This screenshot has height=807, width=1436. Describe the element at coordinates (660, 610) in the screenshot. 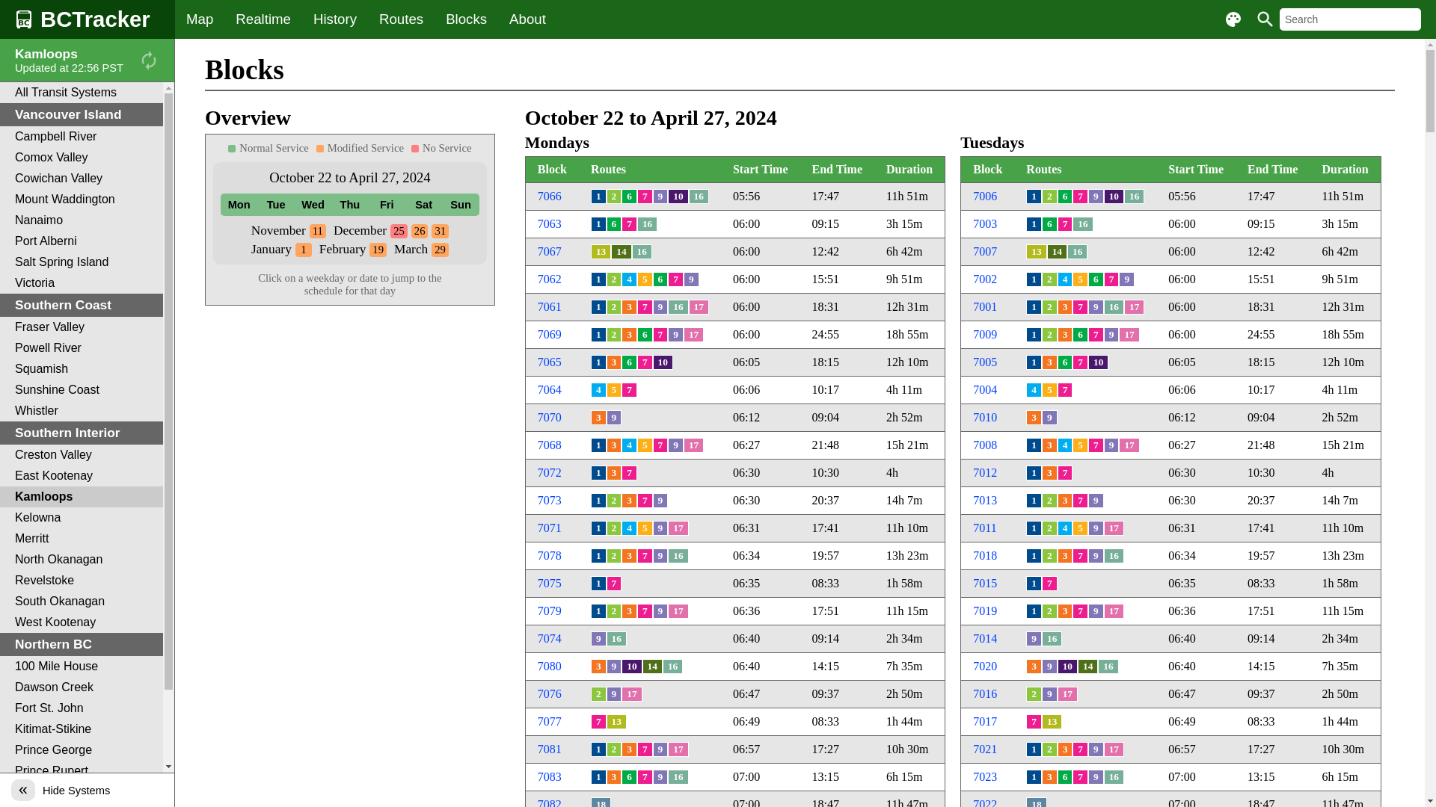

I see `'9'` at that location.